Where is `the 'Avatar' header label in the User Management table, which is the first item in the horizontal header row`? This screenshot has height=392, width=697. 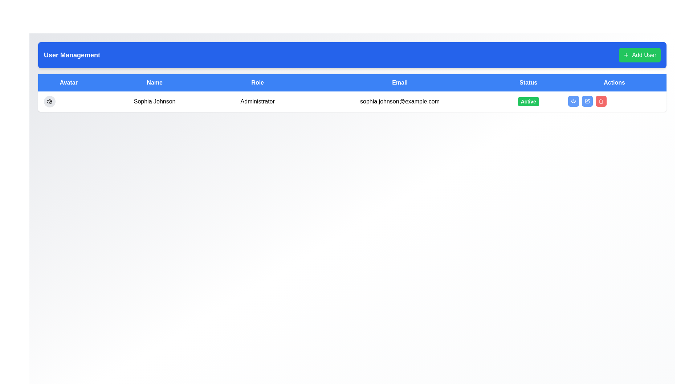 the 'Avatar' header label in the User Management table, which is the first item in the horizontal header row is located at coordinates (69, 82).